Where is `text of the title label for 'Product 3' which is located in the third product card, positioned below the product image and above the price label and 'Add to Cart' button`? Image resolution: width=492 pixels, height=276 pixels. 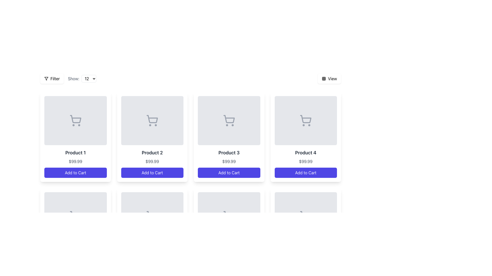
text of the title label for 'Product 3' which is located in the third product card, positioned below the product image and above the price label and 'Add to Cart' button is located at coordinates (229, 152).